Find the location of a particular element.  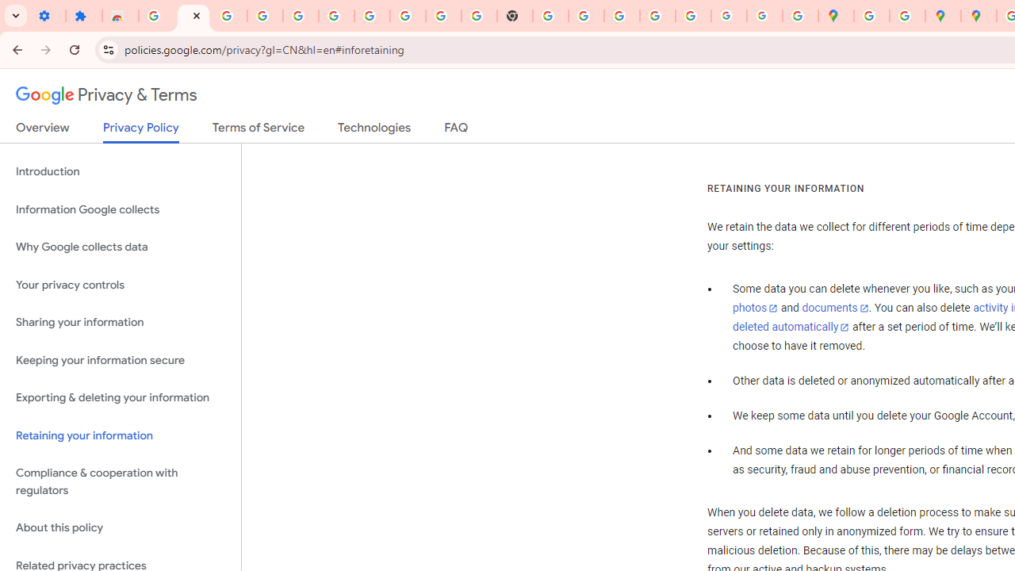

'Why Google collects data' is located at coordinates (120, 247).